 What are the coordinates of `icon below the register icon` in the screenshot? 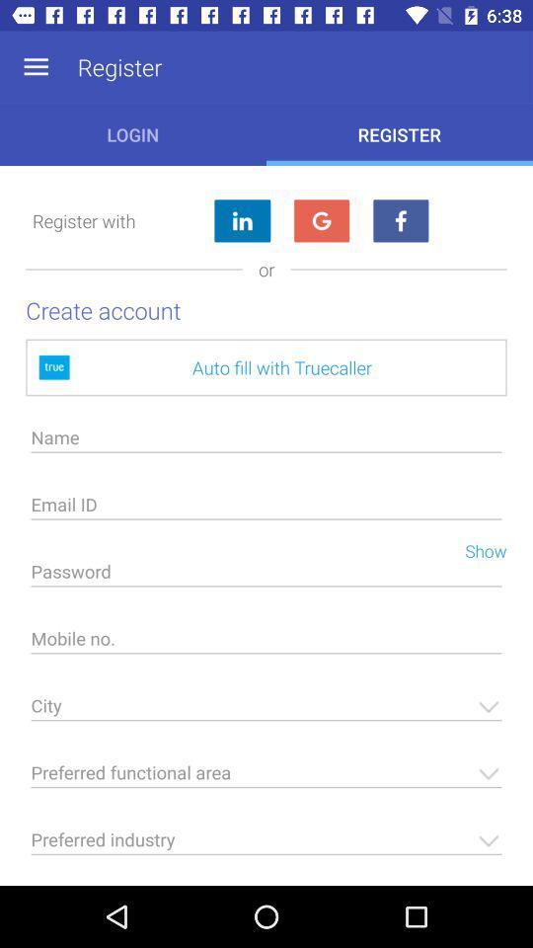 It's located at (400, 221).